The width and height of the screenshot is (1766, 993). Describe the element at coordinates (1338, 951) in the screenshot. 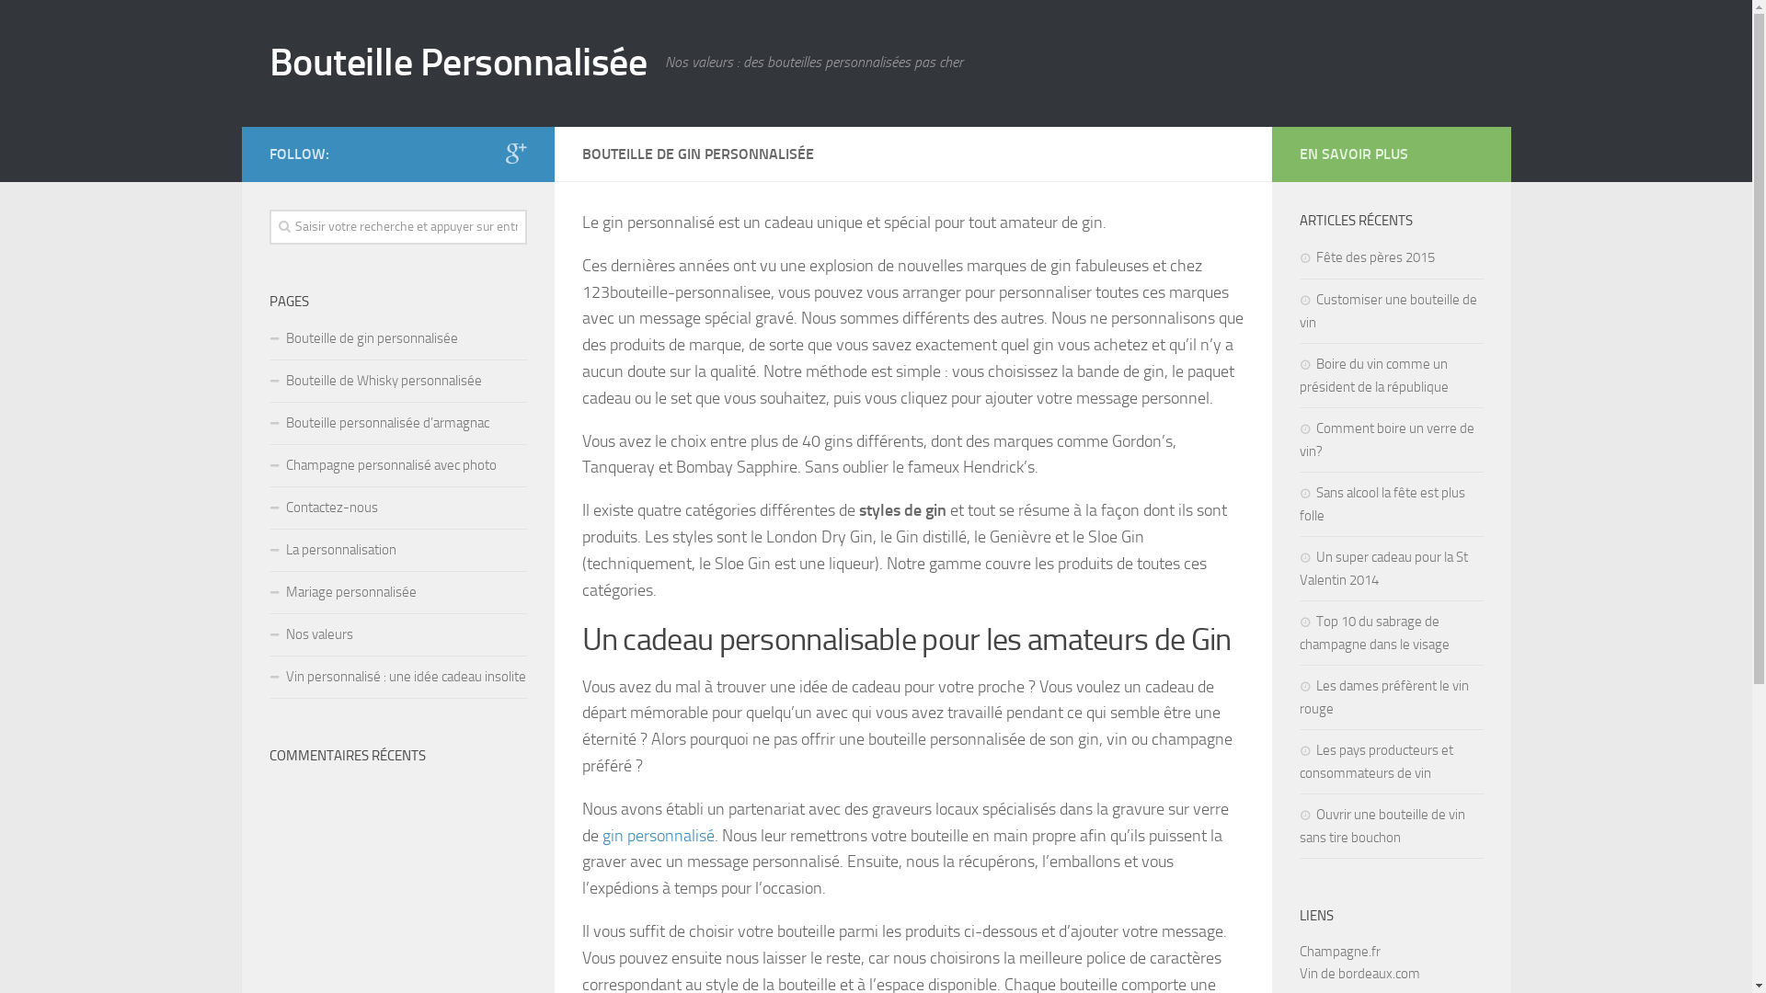

I see `'Champagne.fr'` at that location.